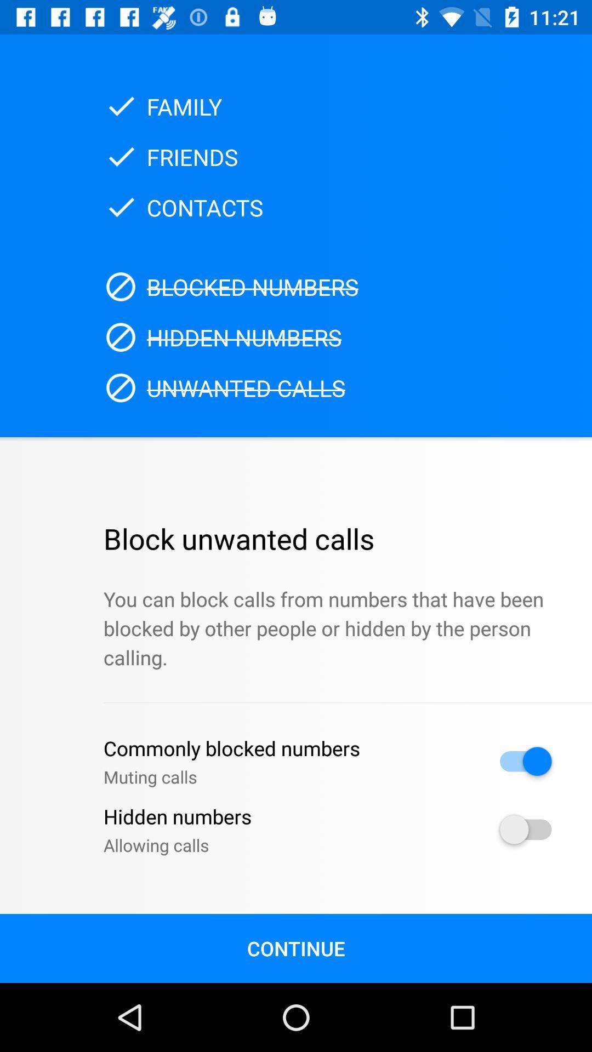  What do you see at coordinates (296, 948) in the screenshot?
I see `continue item` at bounding box center [296, 948].